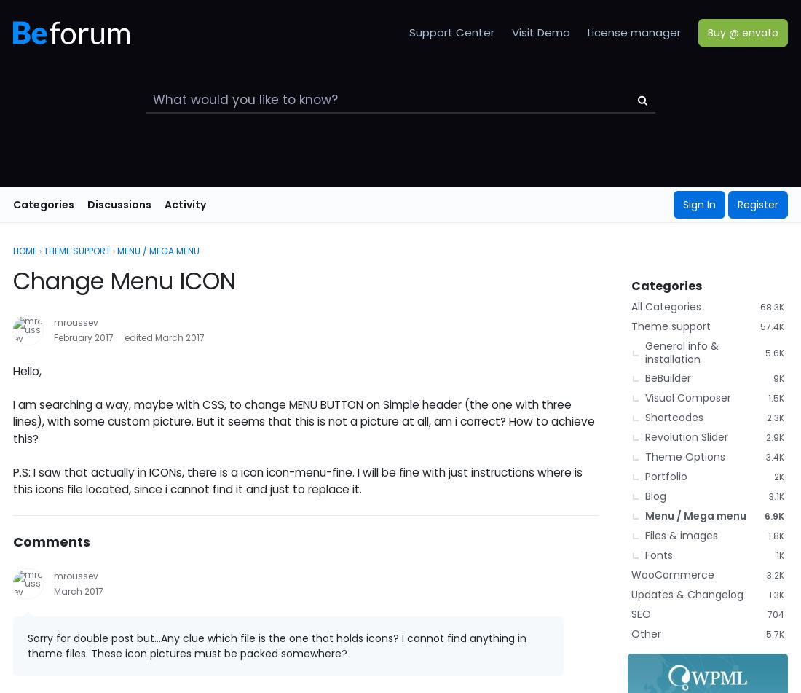  What do you see at coordinates (26, 644) in the screenshot?
I see `'Sorry for double post but...Any clue which file is the one that holds icons? I cannot find anything in theme files. These icon pictures must be packed somewhere?'` at bounding box center [26, 644].